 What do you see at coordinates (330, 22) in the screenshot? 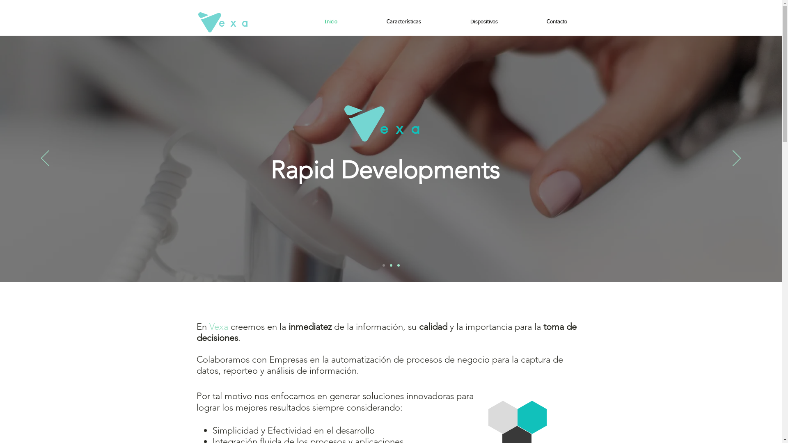
I see `'Inicio'` at bounding box center [330, 22].